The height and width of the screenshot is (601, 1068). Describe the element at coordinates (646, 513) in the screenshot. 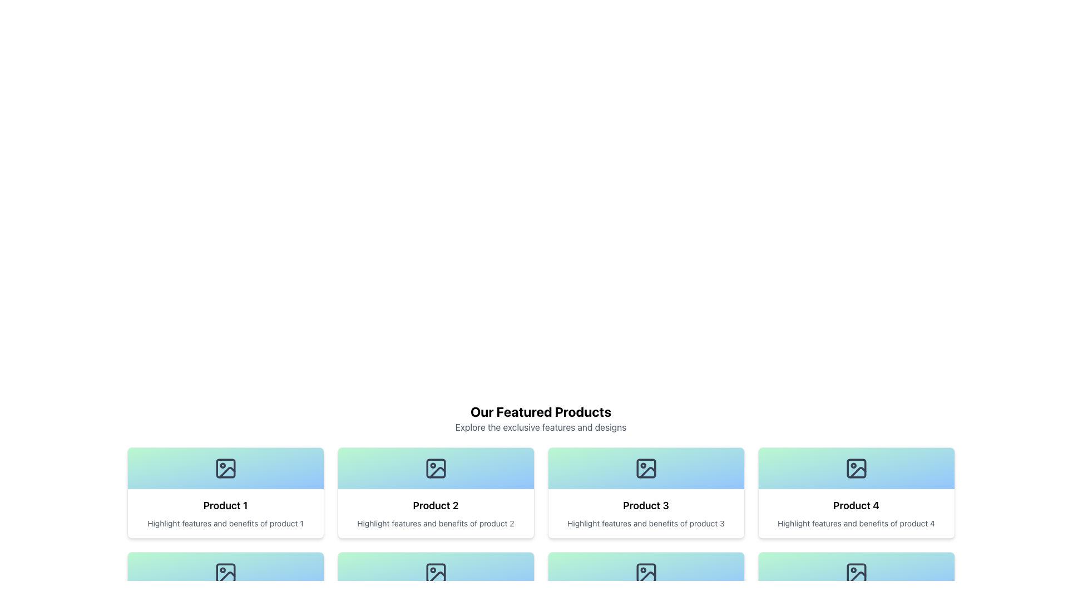

I see `the text block displaying the name and description of Product 3, located in the third card of the top row in a grid of cards` at that location.